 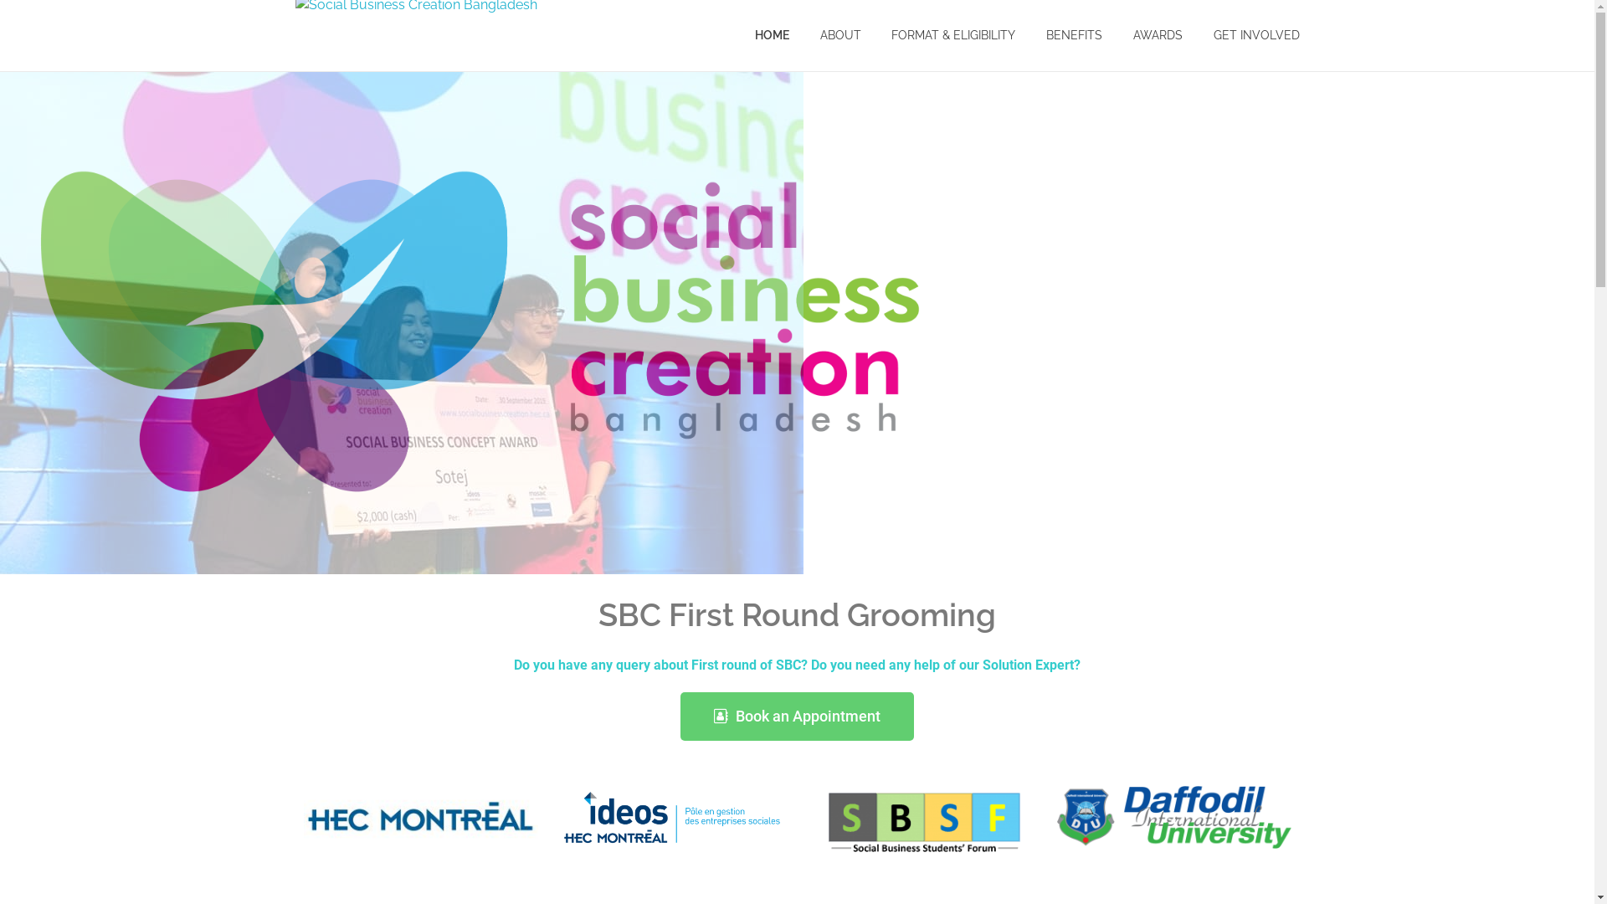 What do you see at coordinates (953, 35) in the screenshot?
I see `'FORMAT & ELIGIBILITY'` at bounding box center [953, 35].